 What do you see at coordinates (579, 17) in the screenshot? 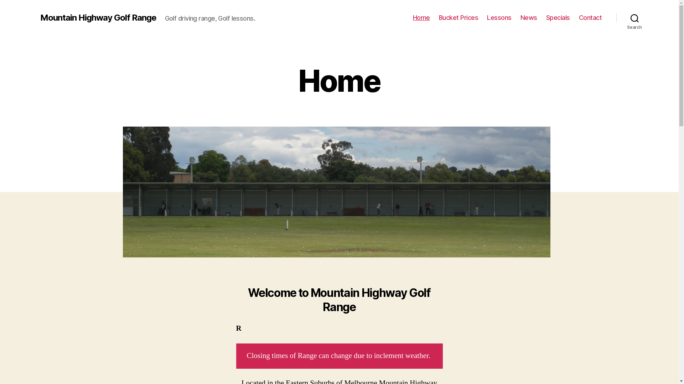
I see `'Contact'` at bounding box center [579, 17].